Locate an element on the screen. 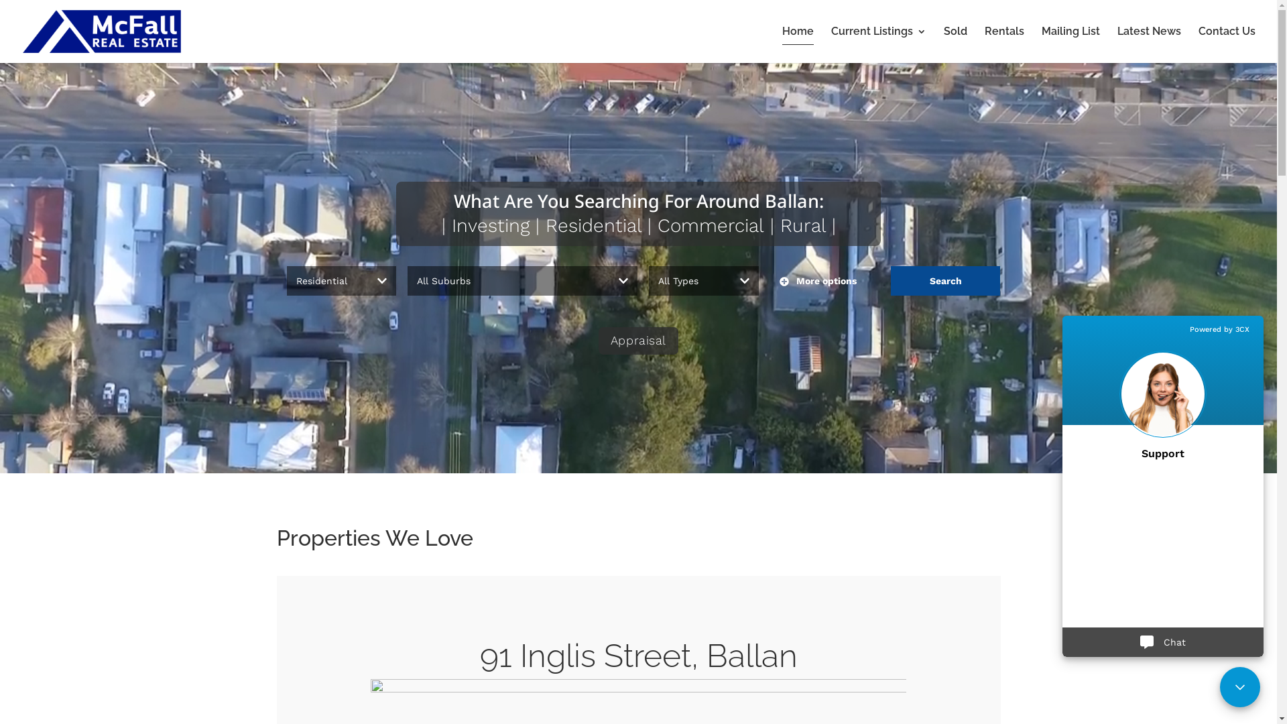 The height and width of the screenshot is (724, 1287). 'Current Listings' is located at coordinates (830, 44).